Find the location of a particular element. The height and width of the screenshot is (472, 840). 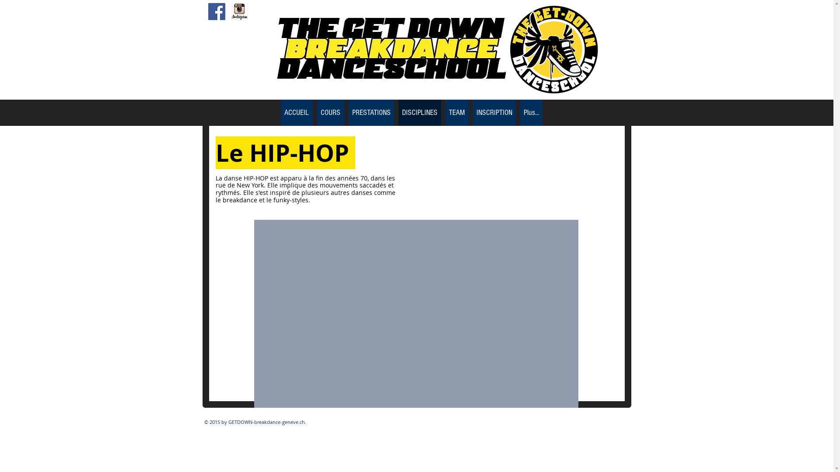

'External YouTube' is located at coordinates (416, 313).